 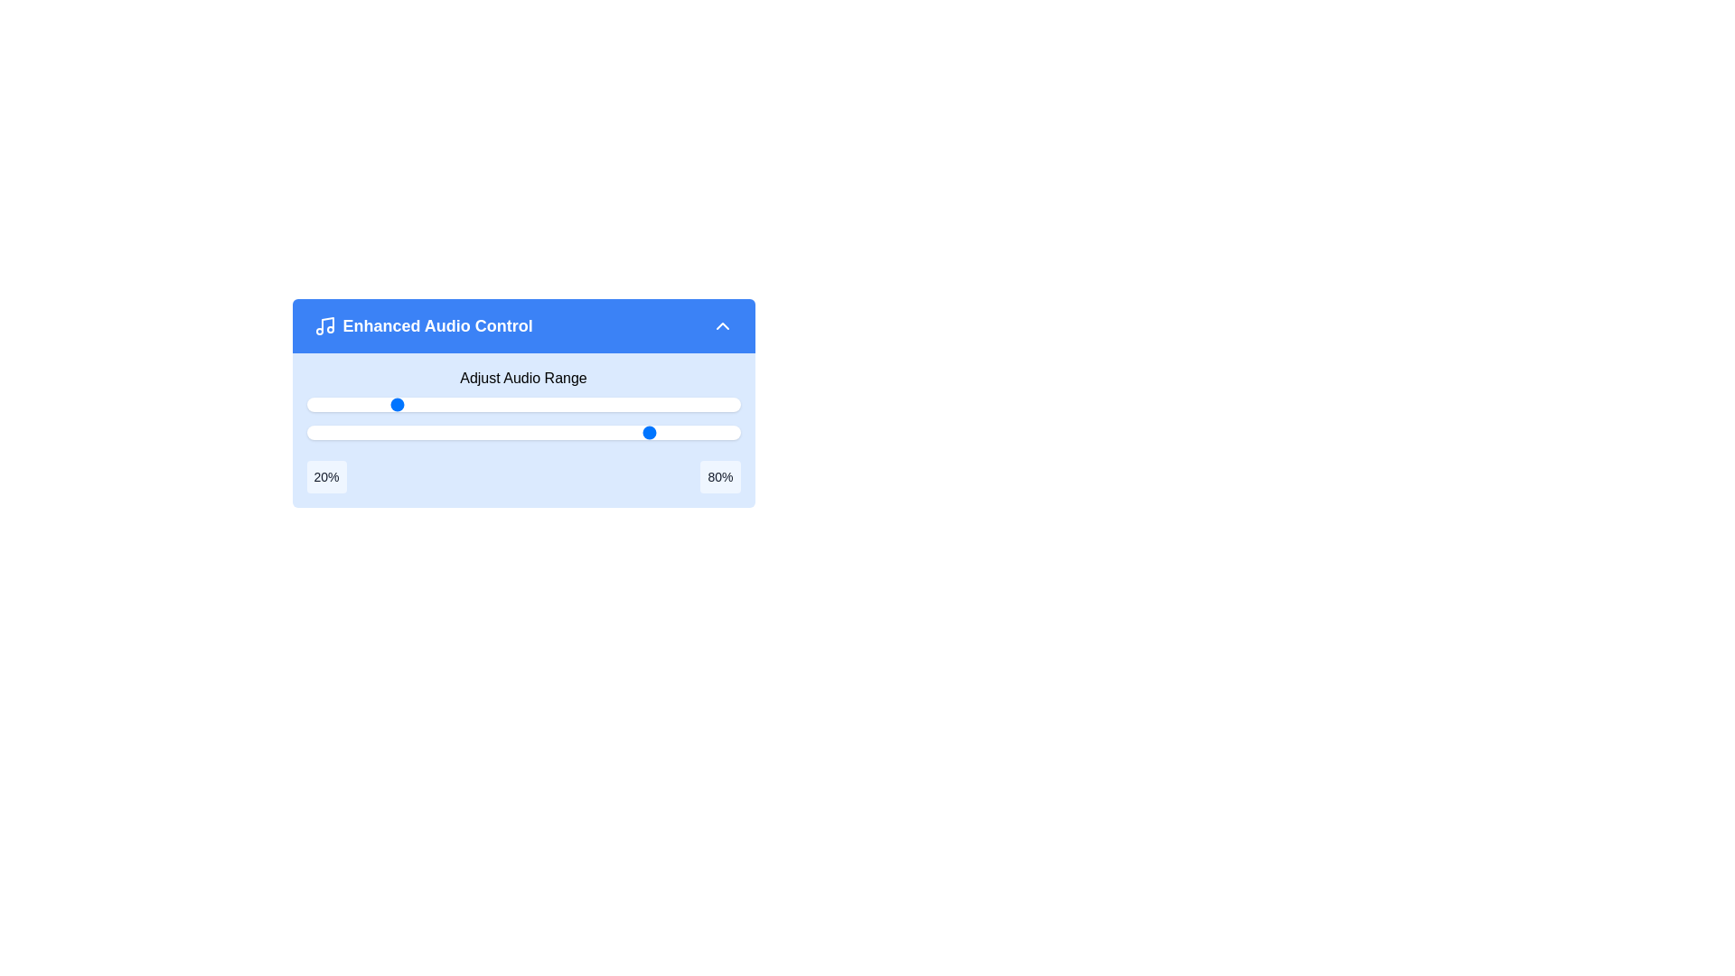 I want to click on the slider value, so click(x=397, y=403).